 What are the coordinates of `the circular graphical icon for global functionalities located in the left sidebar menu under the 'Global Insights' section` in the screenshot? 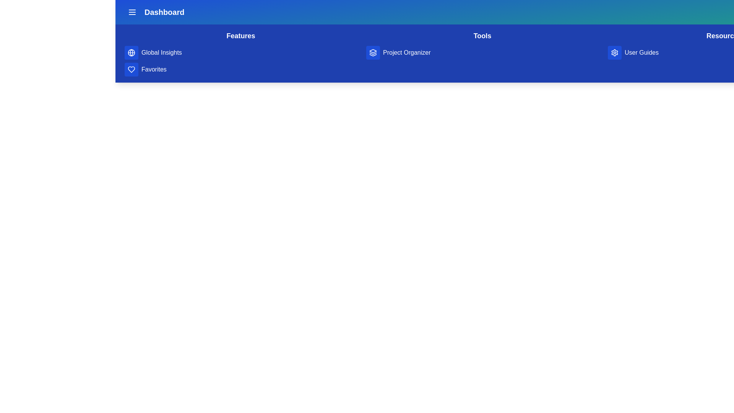 It's located at (132, 52).